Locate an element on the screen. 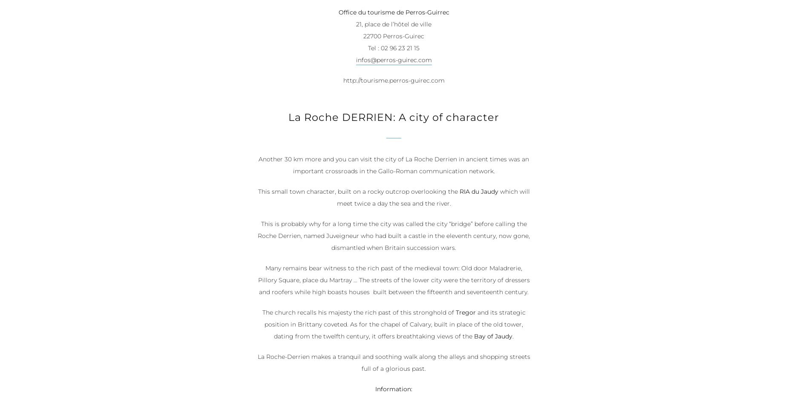  'infos@perros-guirec.com' is located at coordinates (394, 60).